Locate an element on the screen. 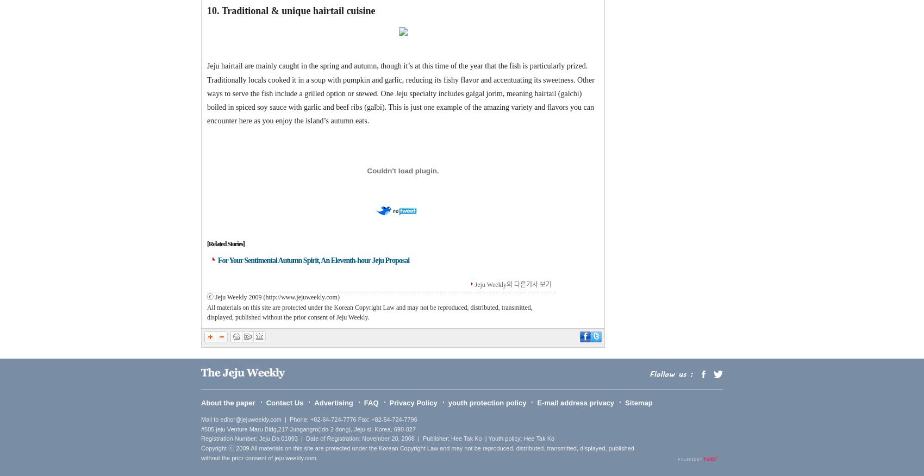 Image resolution: width=924 pixels, height=476 pixels. 'FAQ' is located at coordinates (371, 403).